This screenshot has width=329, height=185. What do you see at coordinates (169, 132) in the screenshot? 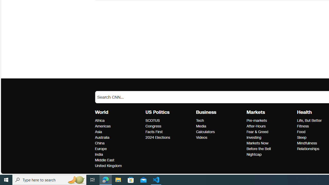
I see `'Facts First'` at bounding box center [169, 132].